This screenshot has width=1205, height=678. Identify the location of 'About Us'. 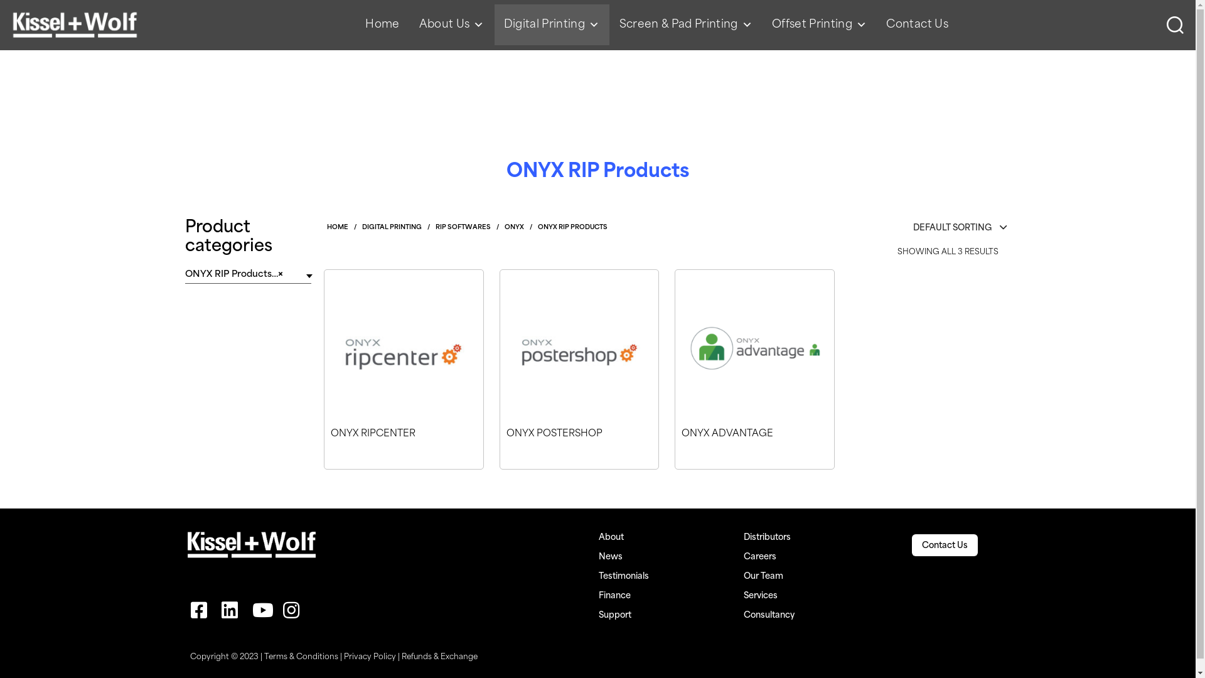
(452, 24).